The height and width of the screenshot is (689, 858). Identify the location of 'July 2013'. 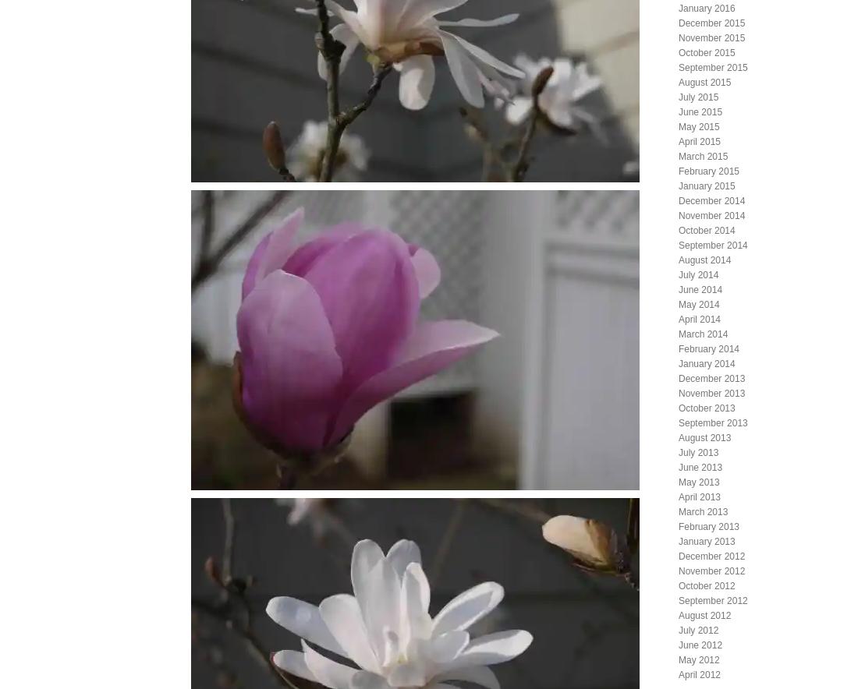
(677, 451).